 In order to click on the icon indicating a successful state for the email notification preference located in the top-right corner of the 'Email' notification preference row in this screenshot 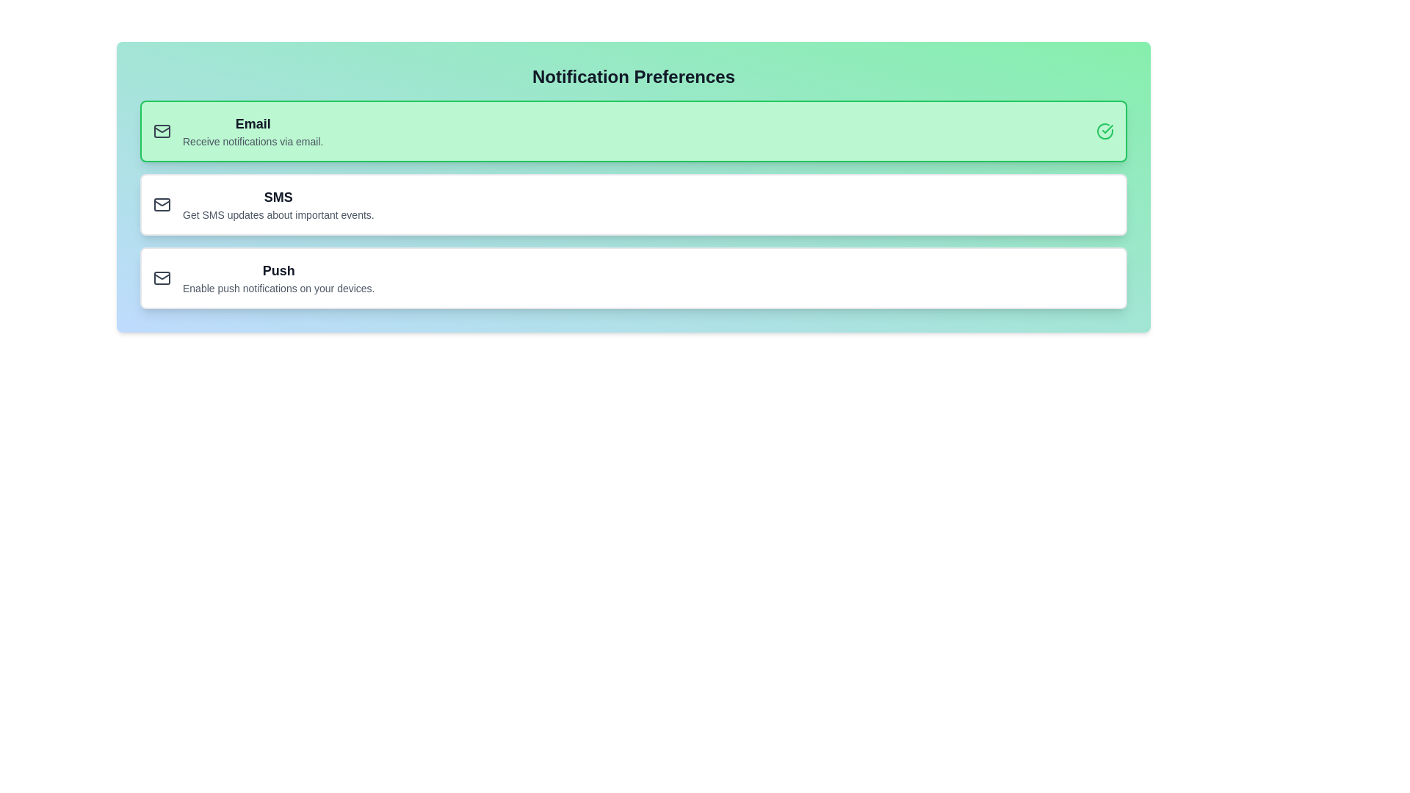, I will do `click(1105, 130)`.